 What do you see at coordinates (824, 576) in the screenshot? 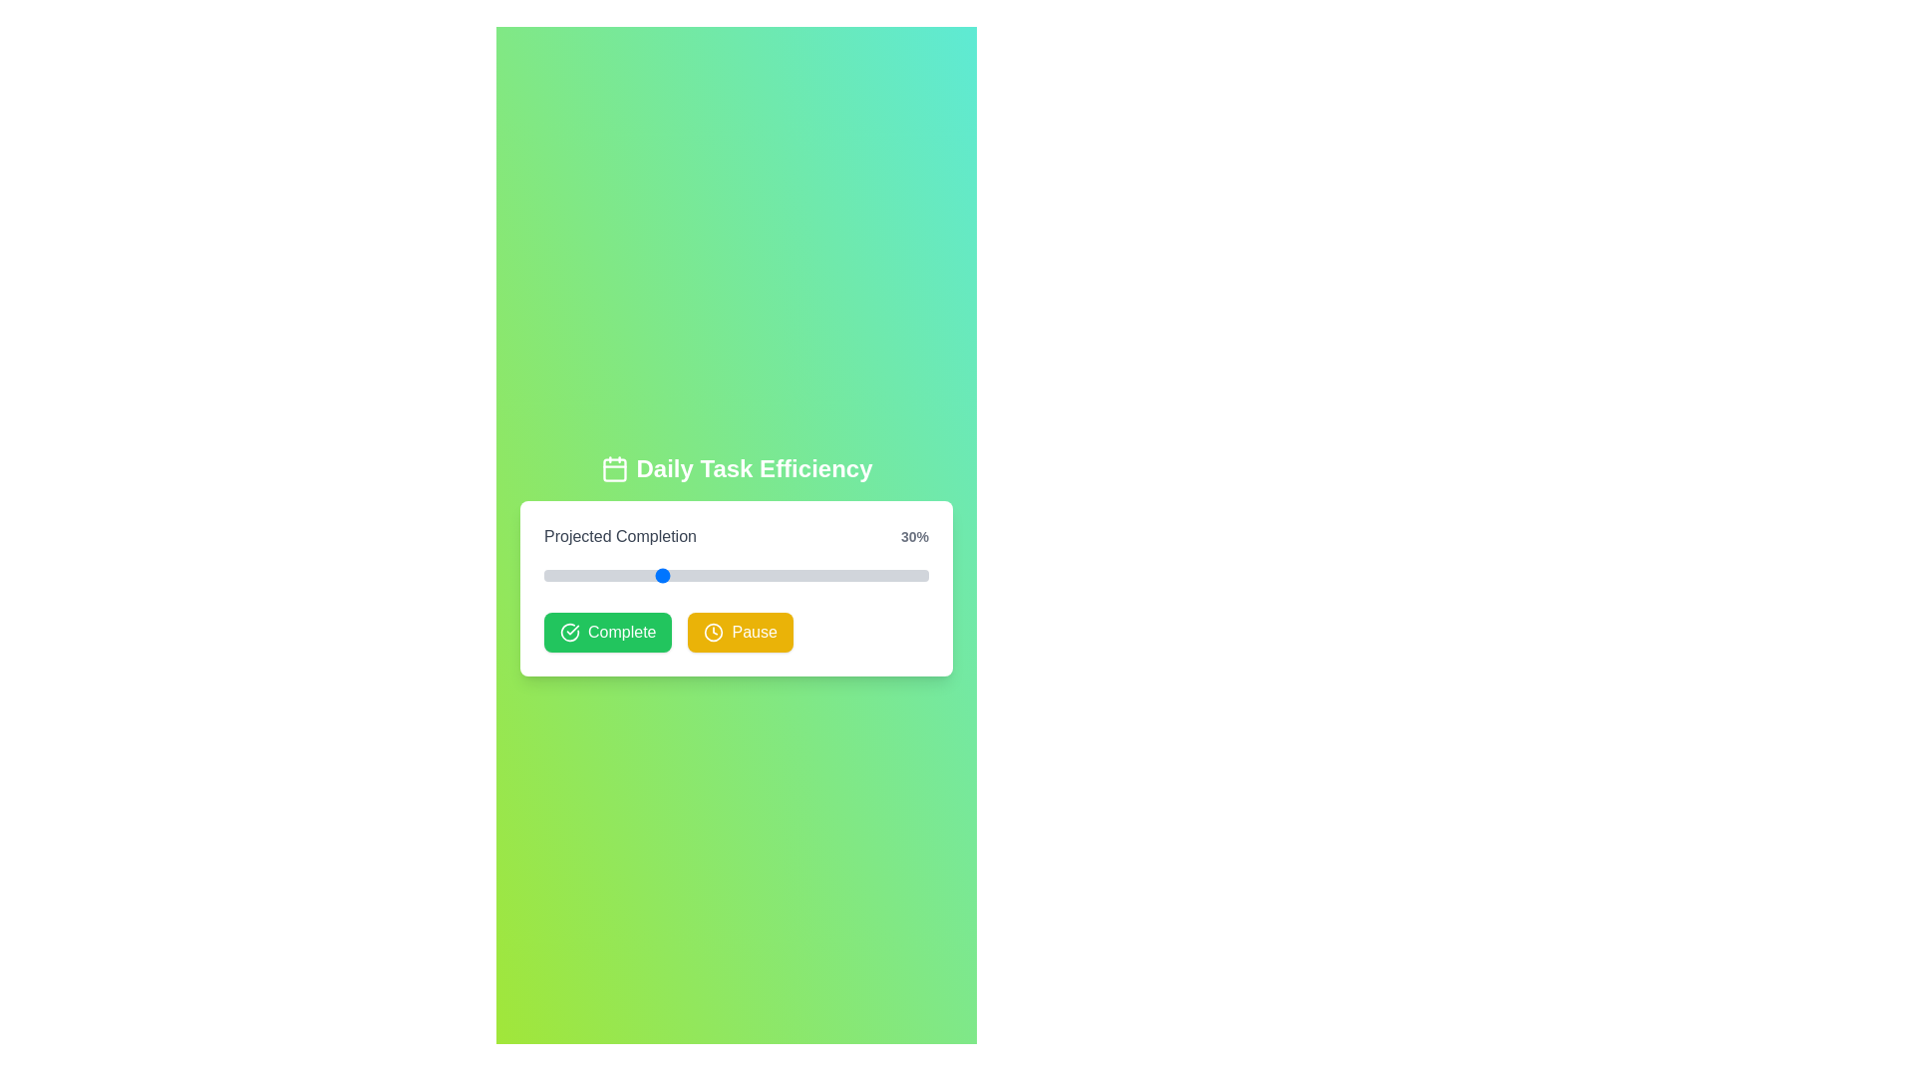
I see `the slider to set the progress to 73%` at bounding box center [824, 576].